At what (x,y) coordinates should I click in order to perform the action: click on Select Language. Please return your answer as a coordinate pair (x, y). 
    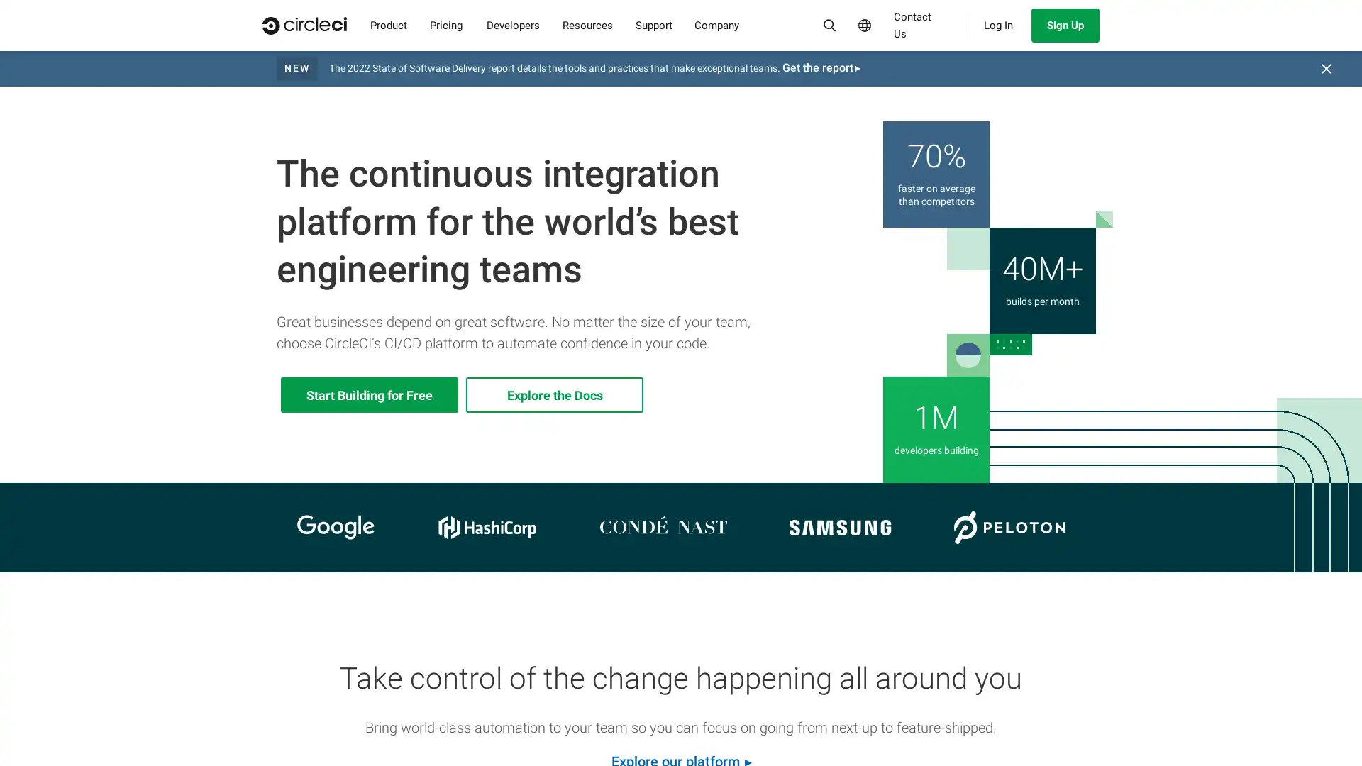
    Looking at the image, I should click on (864, 25).